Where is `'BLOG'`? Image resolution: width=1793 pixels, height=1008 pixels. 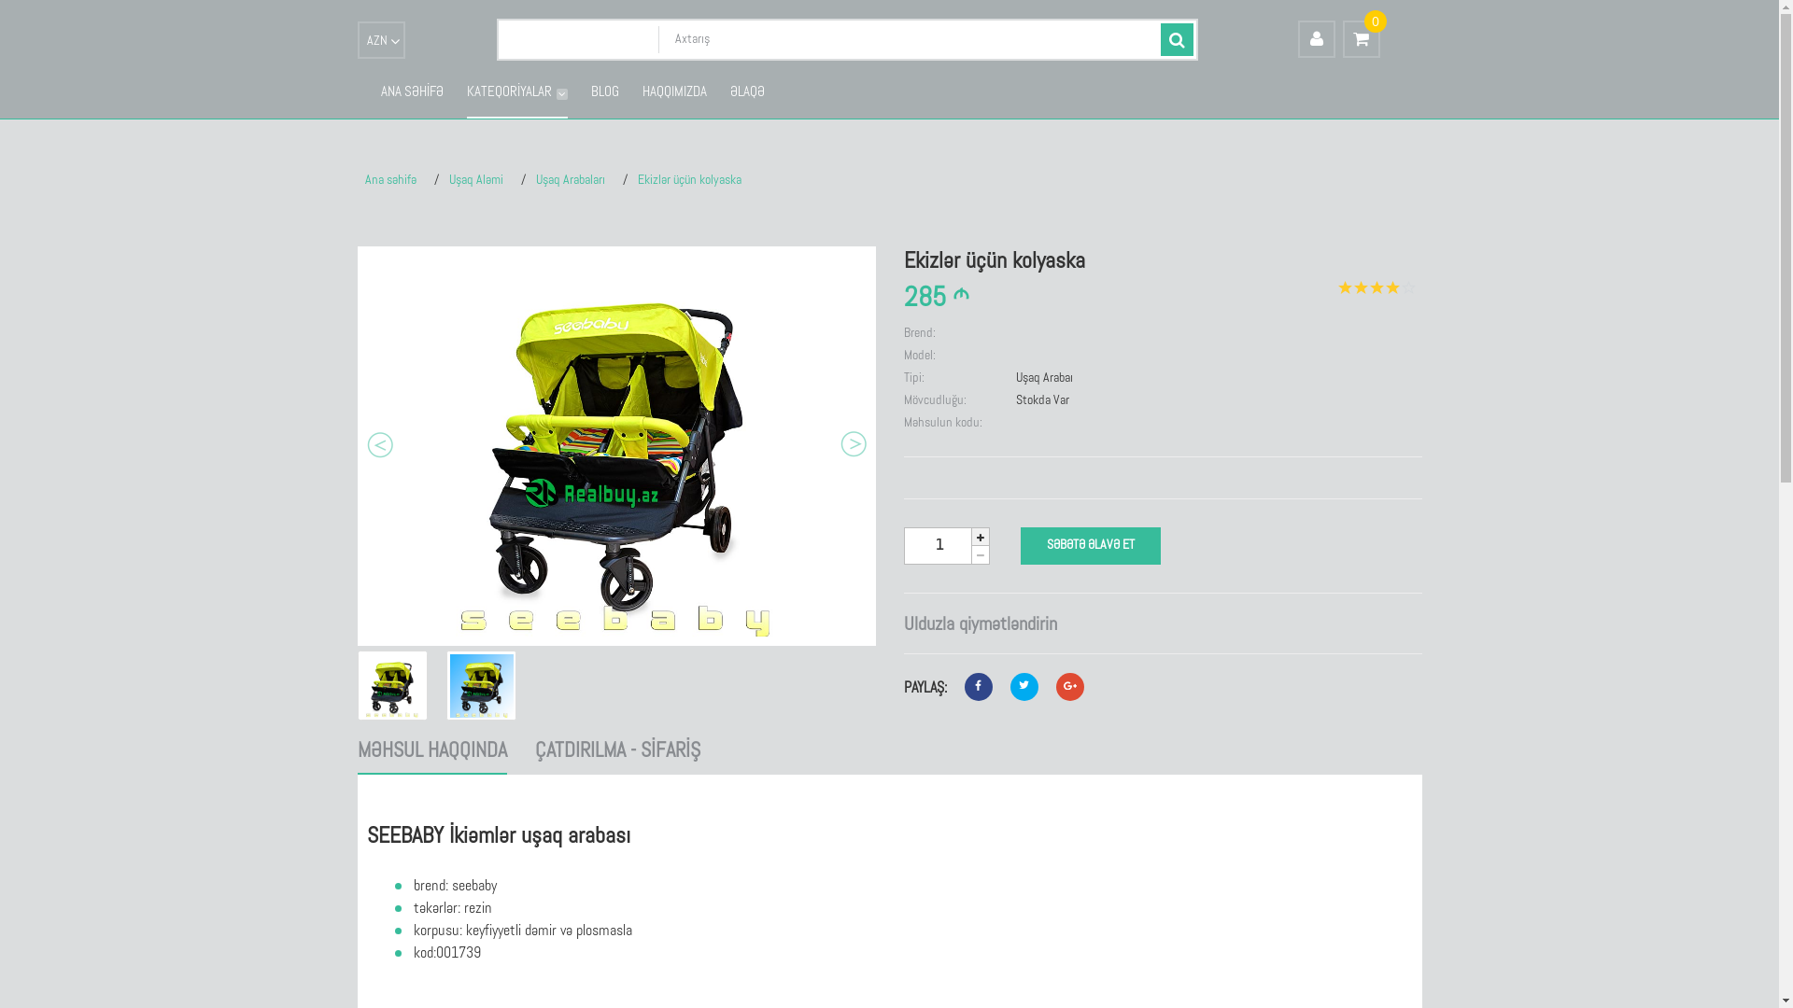
'BLOG' is located at coordinates (589, 93).